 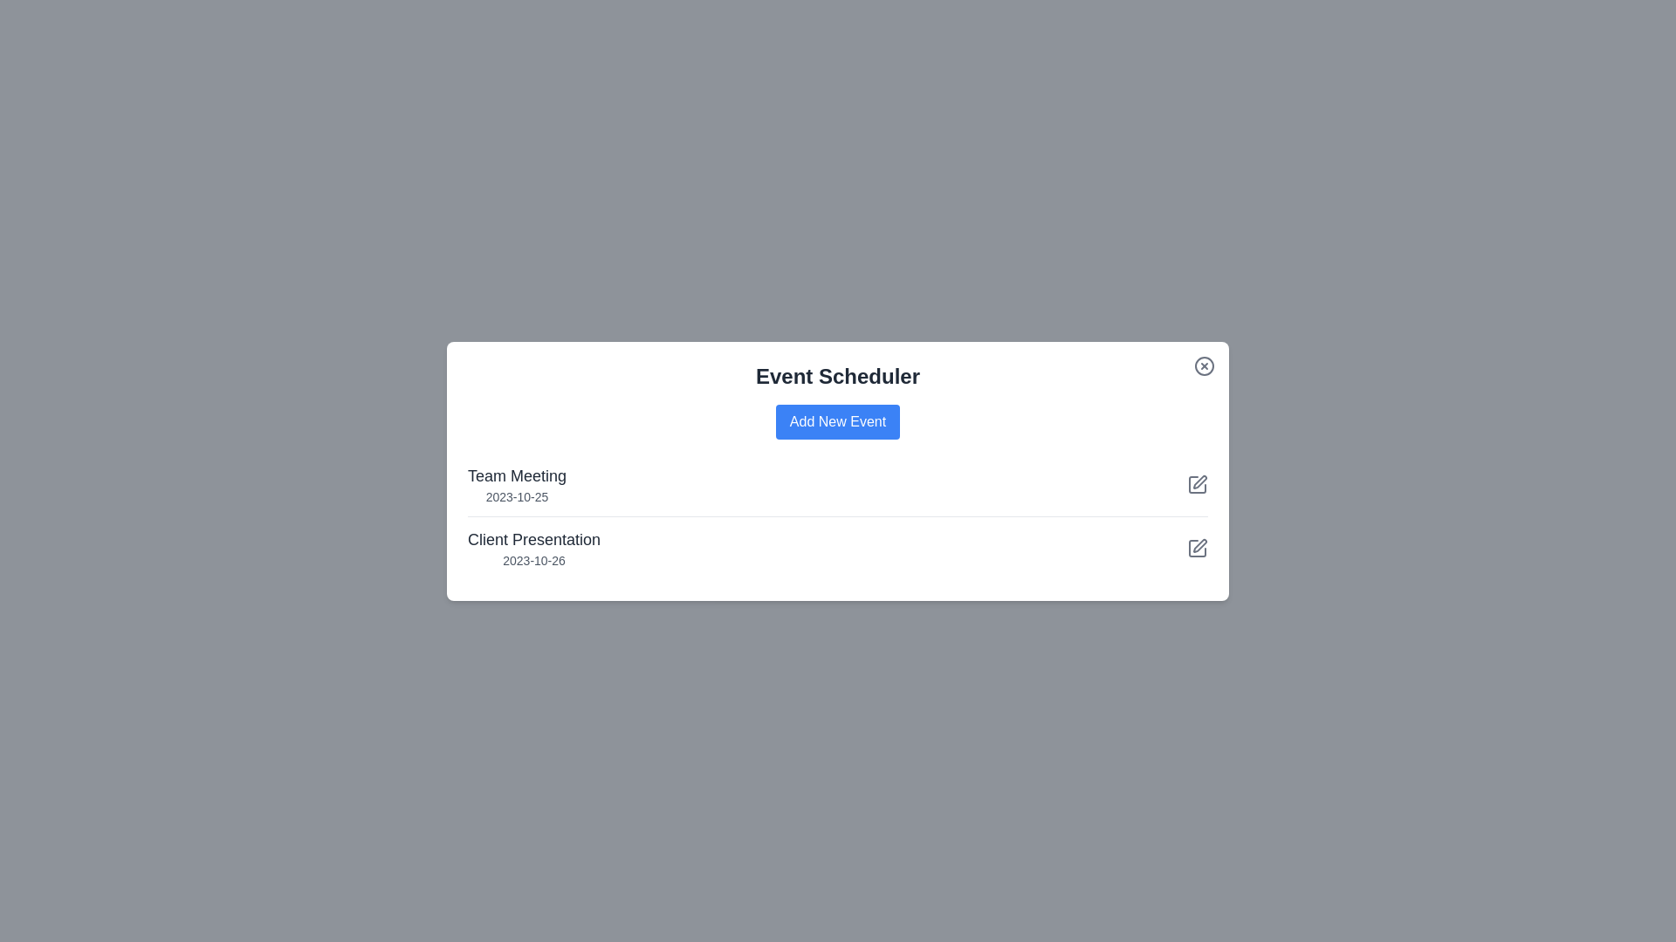 I want to click on the pencil icon button in the upper-right corner of the 'Team Meeting 2023-10-25' section to initiate editing, so click(x=1197, y=484).